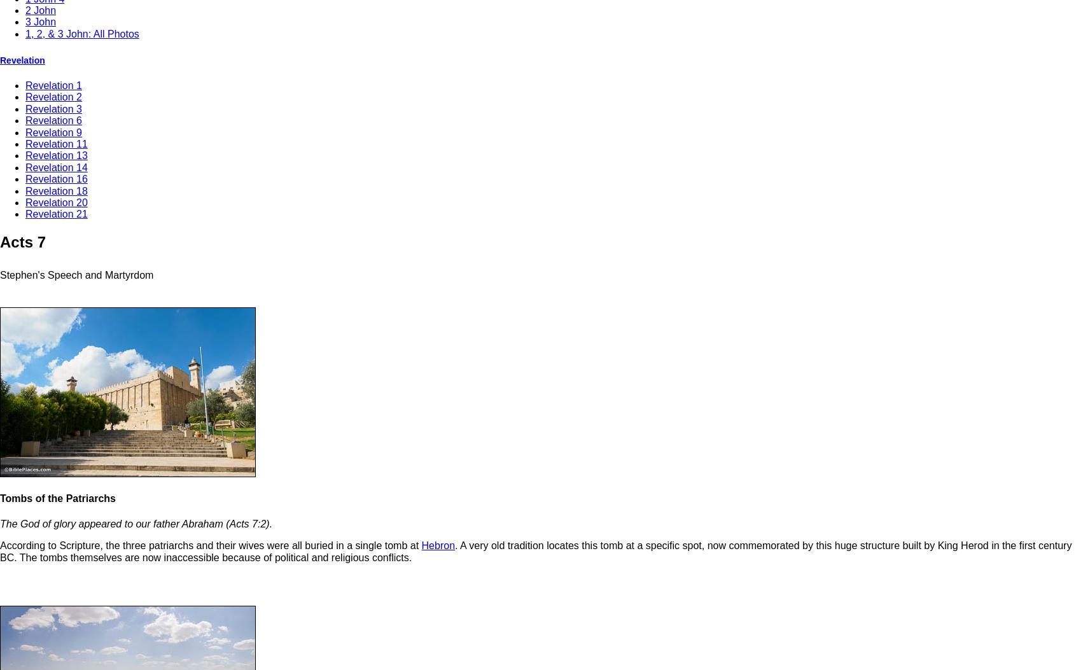  I want to click on 'Revelation 16', so click(56, 178).